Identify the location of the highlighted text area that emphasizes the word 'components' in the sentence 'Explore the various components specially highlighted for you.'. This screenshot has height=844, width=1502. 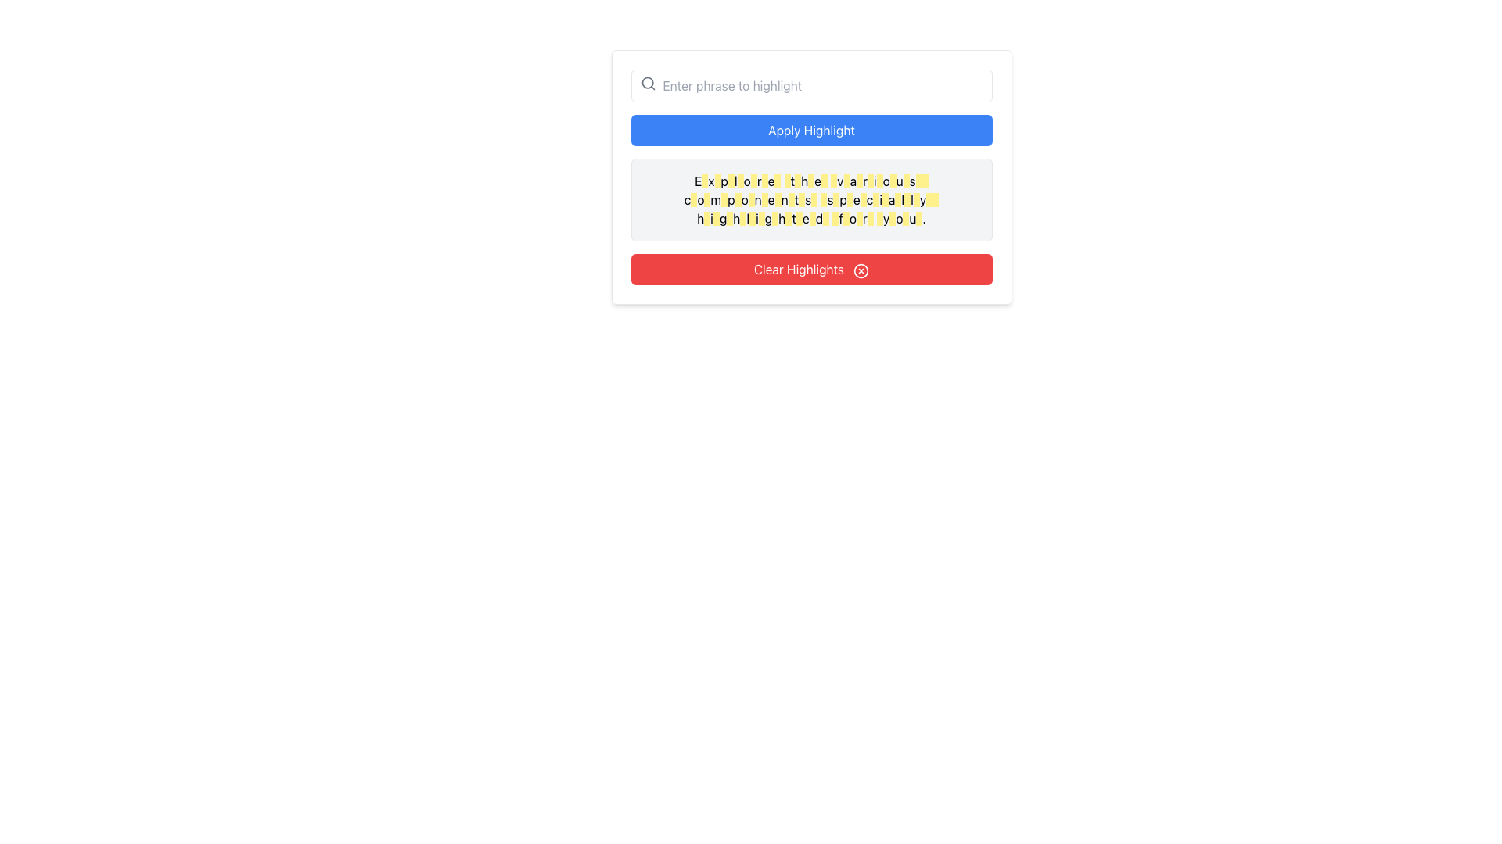
(706, 198).